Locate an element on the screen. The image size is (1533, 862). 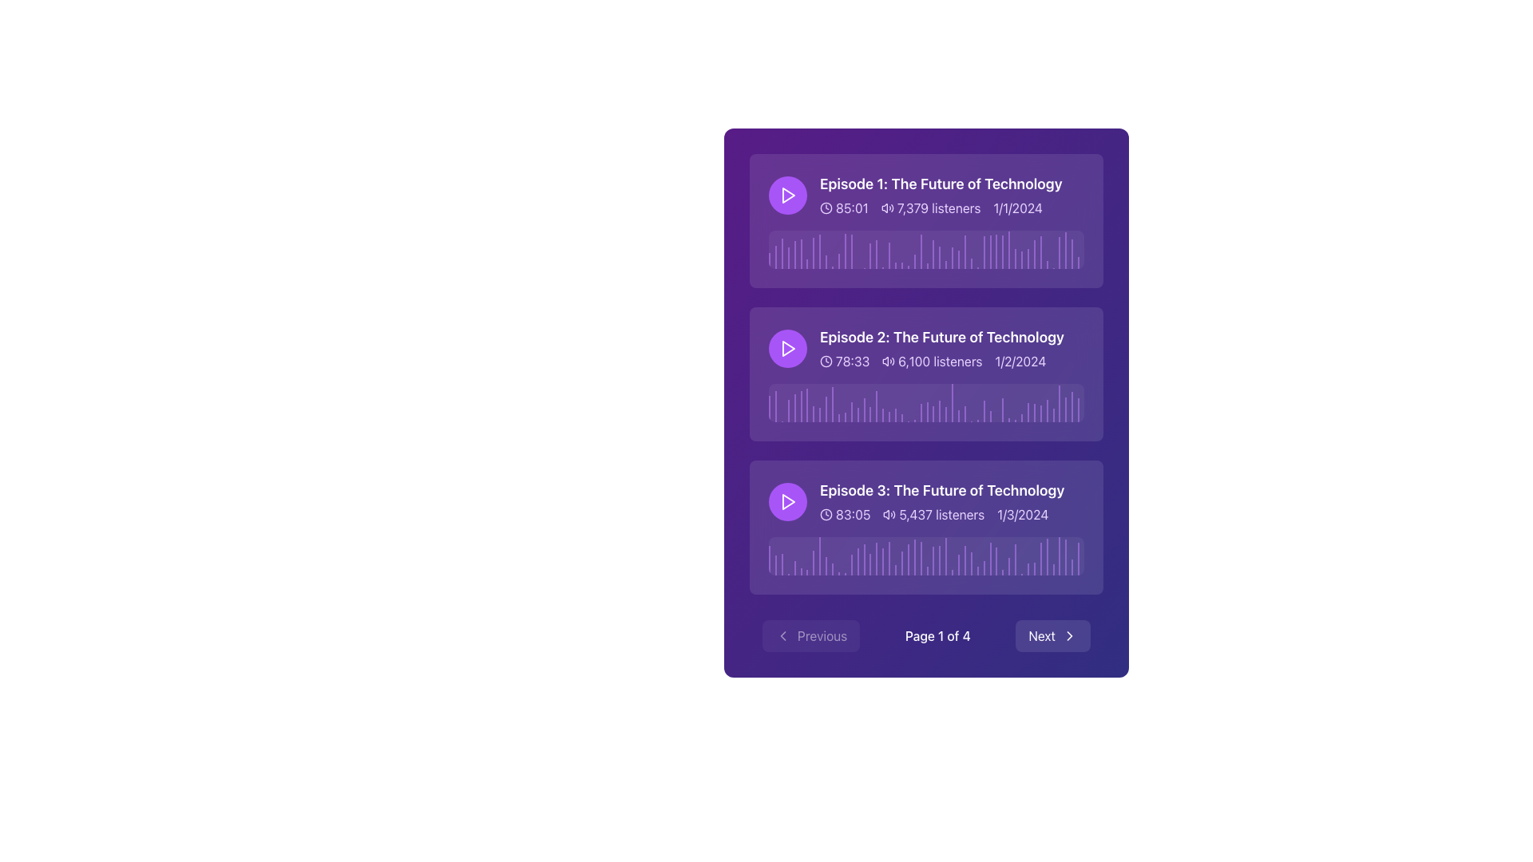
the ninth vertical progress indicator in the progress bar of the second episode card is located at coordinates (820, 414).